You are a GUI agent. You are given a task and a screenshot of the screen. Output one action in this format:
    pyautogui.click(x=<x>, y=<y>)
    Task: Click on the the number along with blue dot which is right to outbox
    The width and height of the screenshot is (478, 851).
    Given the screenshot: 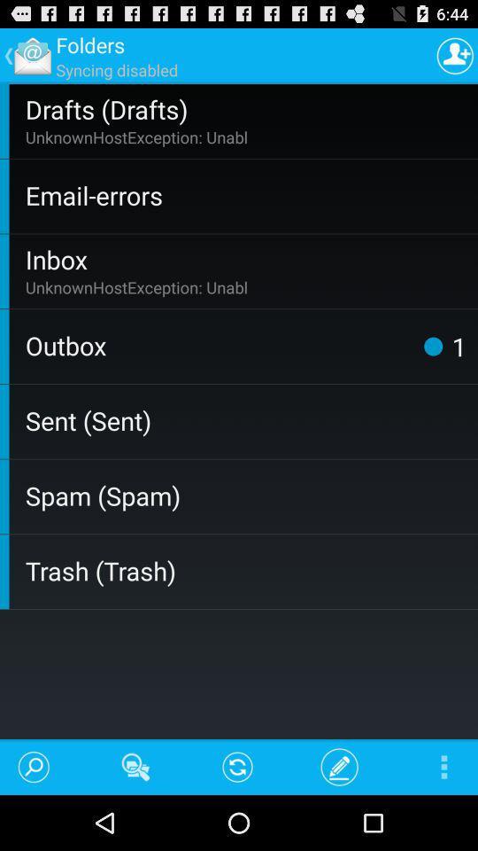 What is the action you would take?
    pyautogui.click(x=439, y=346)
    